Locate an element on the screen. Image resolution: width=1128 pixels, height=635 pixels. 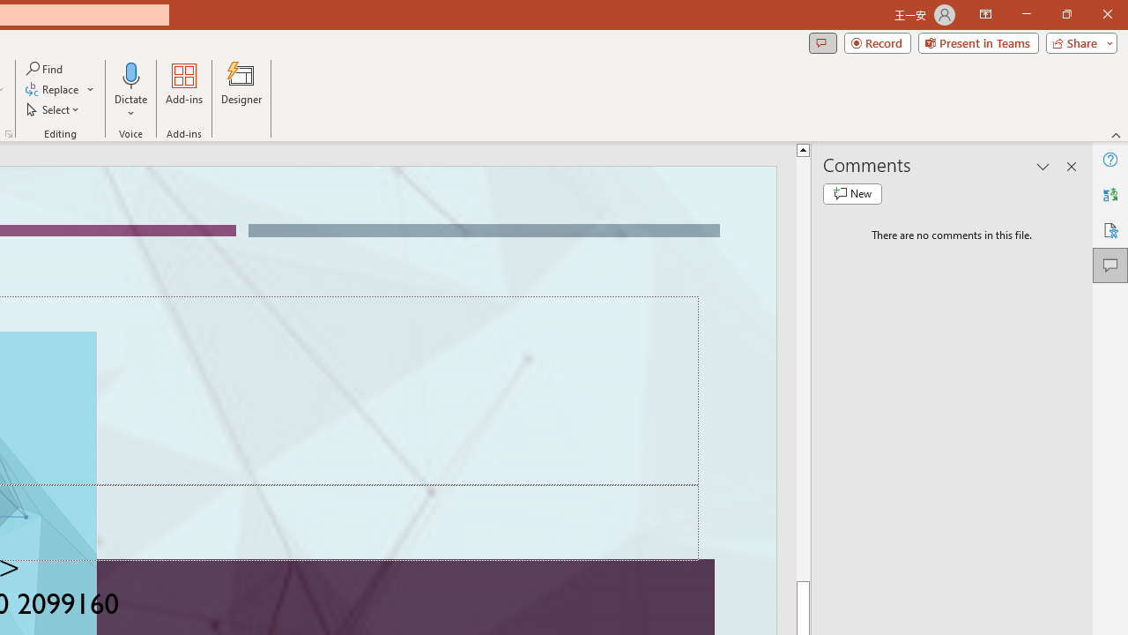
'New comment' is located at coordinates (852, 193).